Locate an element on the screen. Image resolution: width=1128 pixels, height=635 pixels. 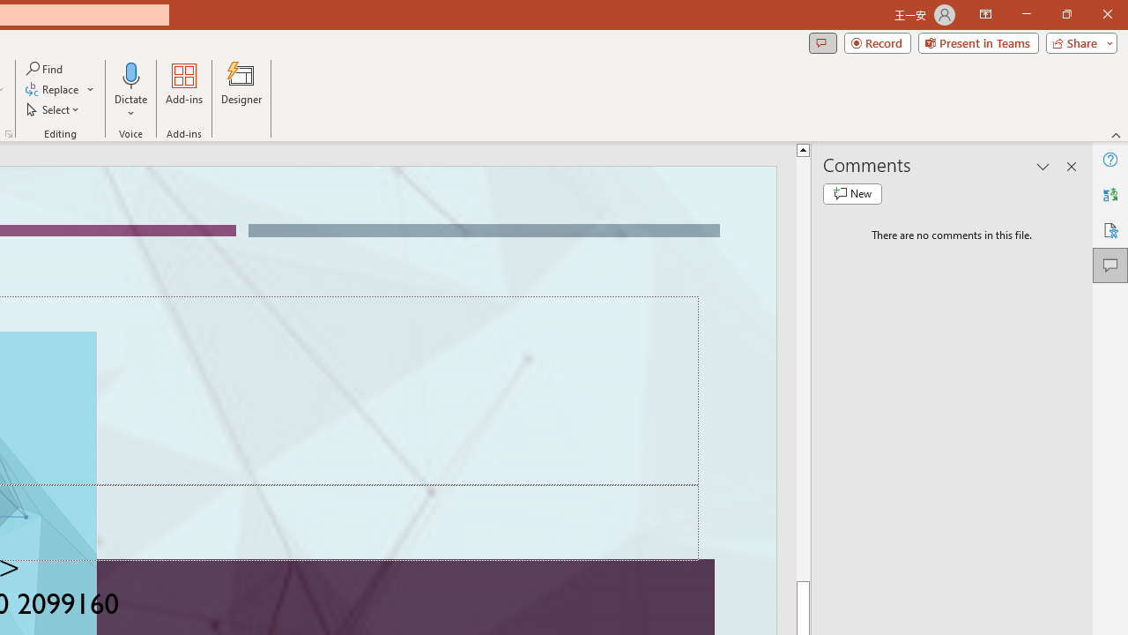
'New comment' is located at coordinates (852, 193).